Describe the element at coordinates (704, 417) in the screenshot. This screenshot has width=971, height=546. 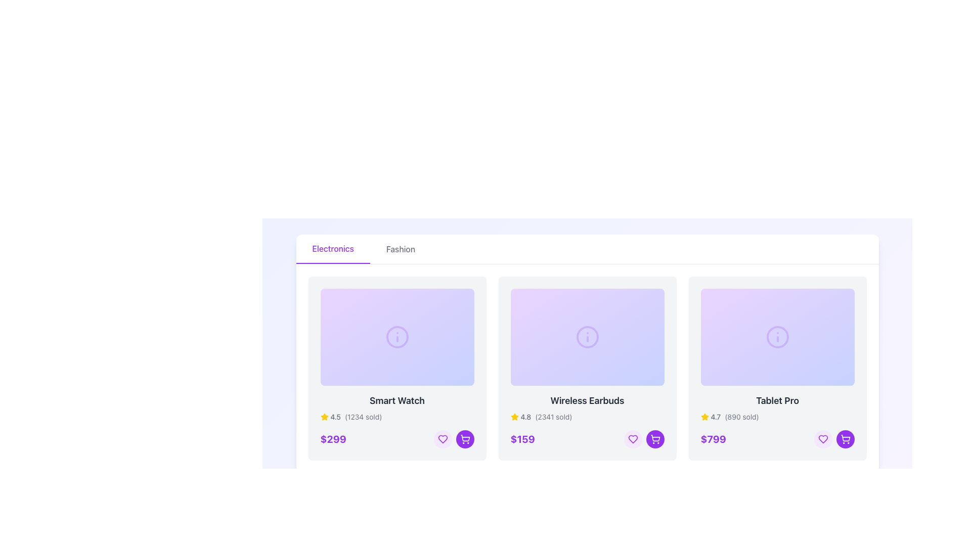
I see `the decorative star icon that represents the product rating for 'Tablet Pro', positioned to the left of the rating text '4.7'` at that location.